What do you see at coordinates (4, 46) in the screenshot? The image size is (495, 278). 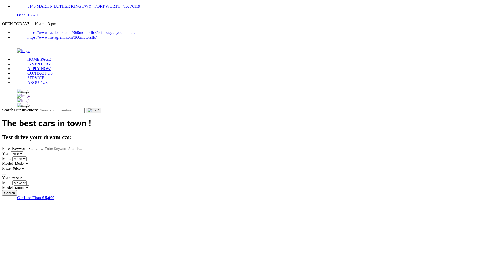 I see `'_'` at bounding box center [4, 46].